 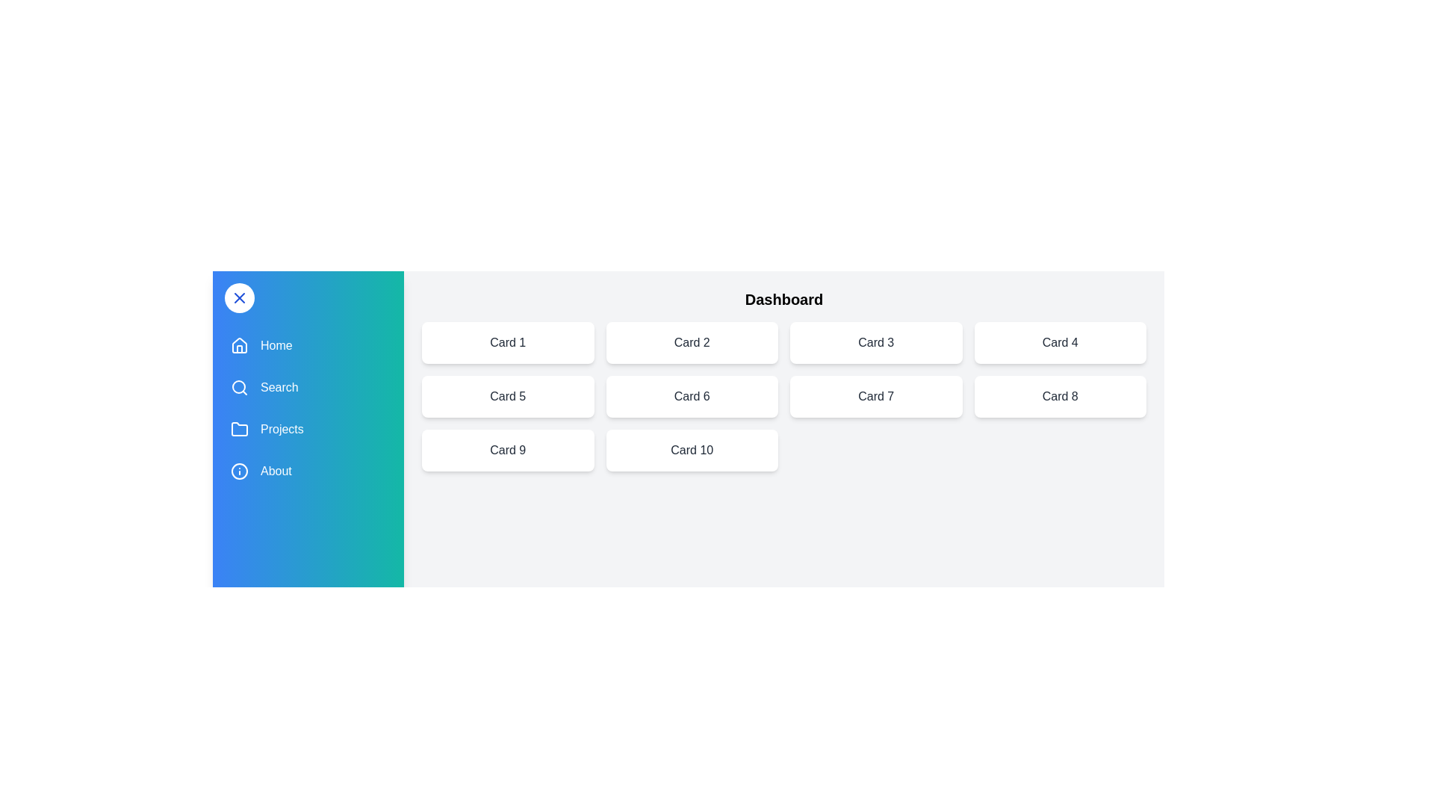 I want to click on the menu item Home to navigate or trigger its respective action, so click(x=307, y=345).